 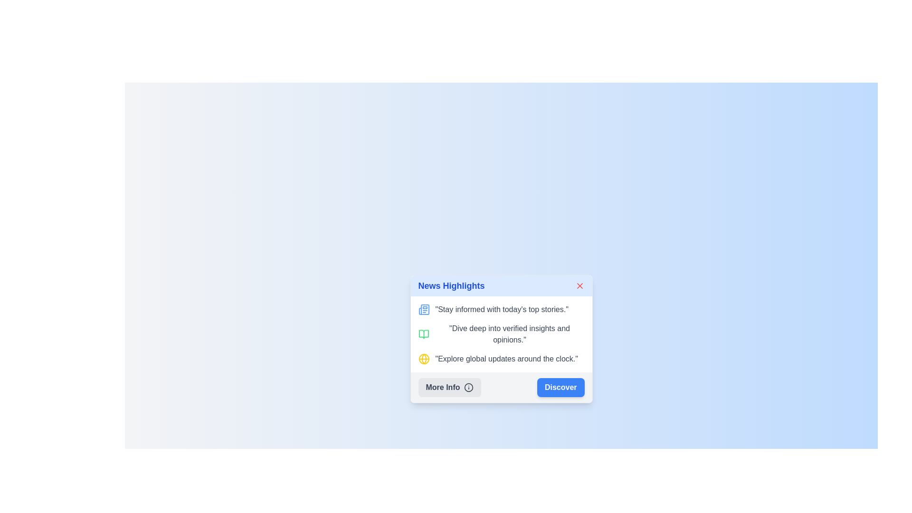 What do you see at coordinates (509, 334) in the screenshot?
I see `the static text element displaying 'Dive deep into verified insights and opinions.' located within the 'News Highlights' card, which is the second text entry in the list` at bounding box center [509, 334].